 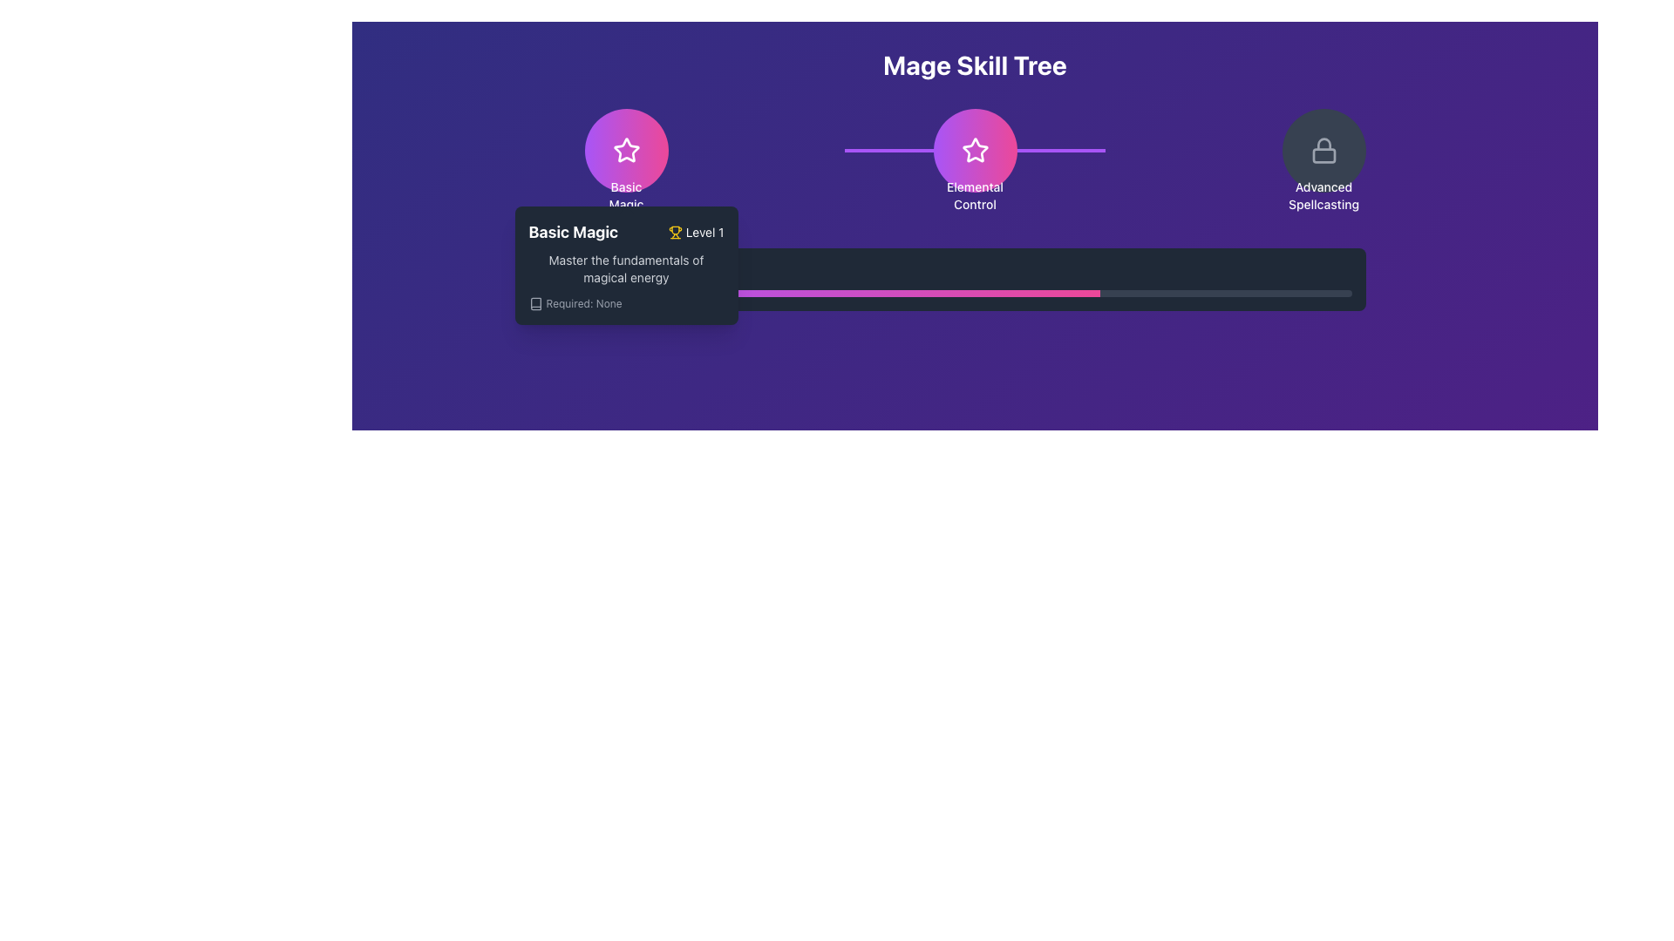 What do you see at coordinates (1324, 150) in the screenshot?
I see `the lock icon indicating that 'Advanced Spellcasting' is locked, located in the top-right portion of the interface` at bounding box center [1324, 150].